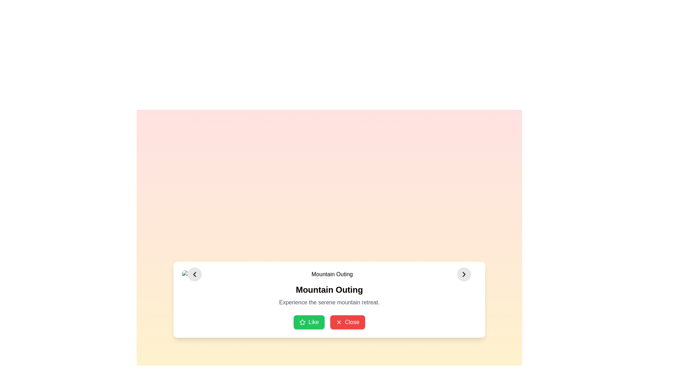  Describe the element at coordinates (194, 274) in the screenshot. I see `the navigation icon located within the circular button on the left side of the card` at that location.